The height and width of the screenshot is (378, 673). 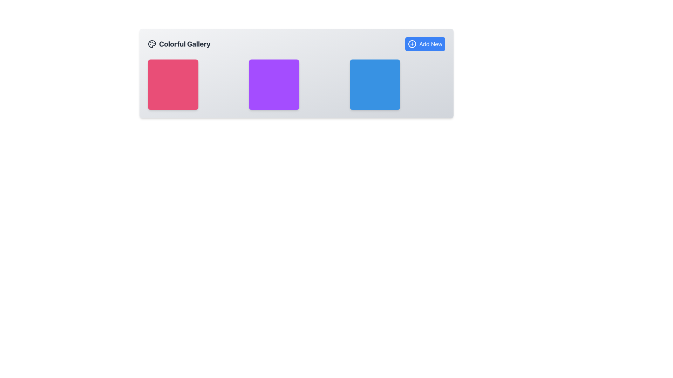 What do you see at coordinates (179, 44) in the screenshot?
I see `the 'Colorful Gallery' static text element which has a bold font and a palette icon to its left` at bounding box center [179, 44].